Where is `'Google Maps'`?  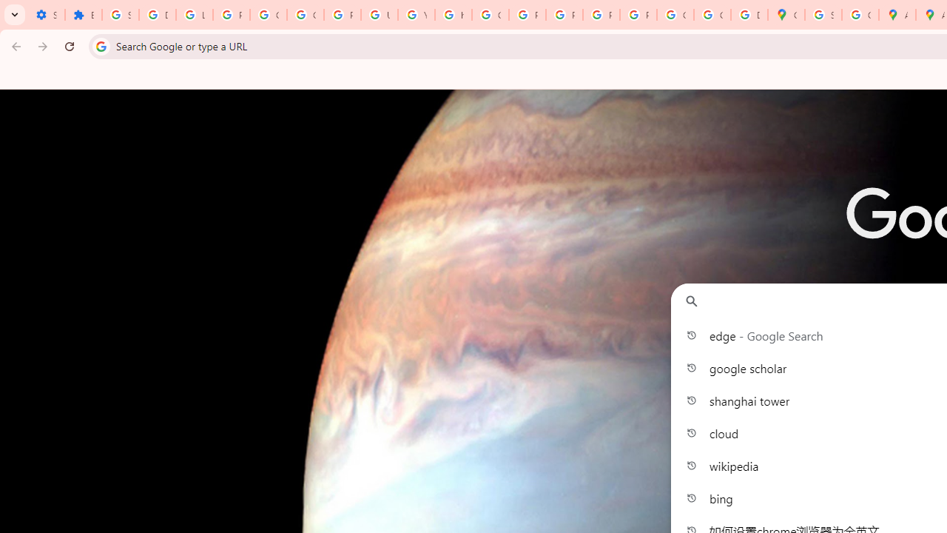 'Google Maps' is located at coordinates (786, 15).